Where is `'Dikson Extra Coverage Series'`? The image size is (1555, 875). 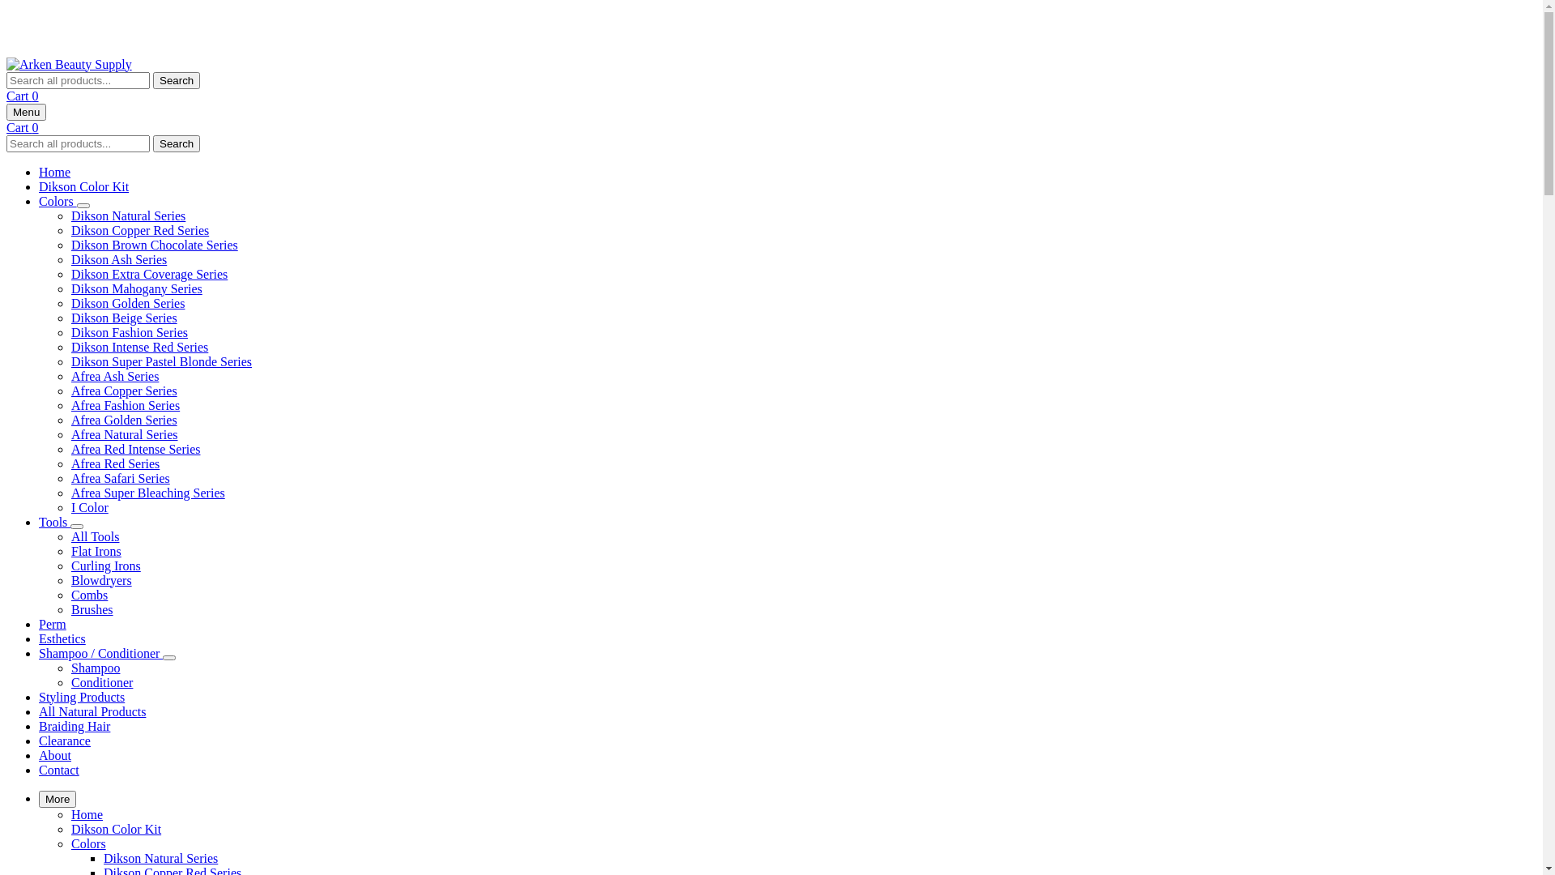
'Dikson Extra Coverage Series' is located at coordinates (149, 273).